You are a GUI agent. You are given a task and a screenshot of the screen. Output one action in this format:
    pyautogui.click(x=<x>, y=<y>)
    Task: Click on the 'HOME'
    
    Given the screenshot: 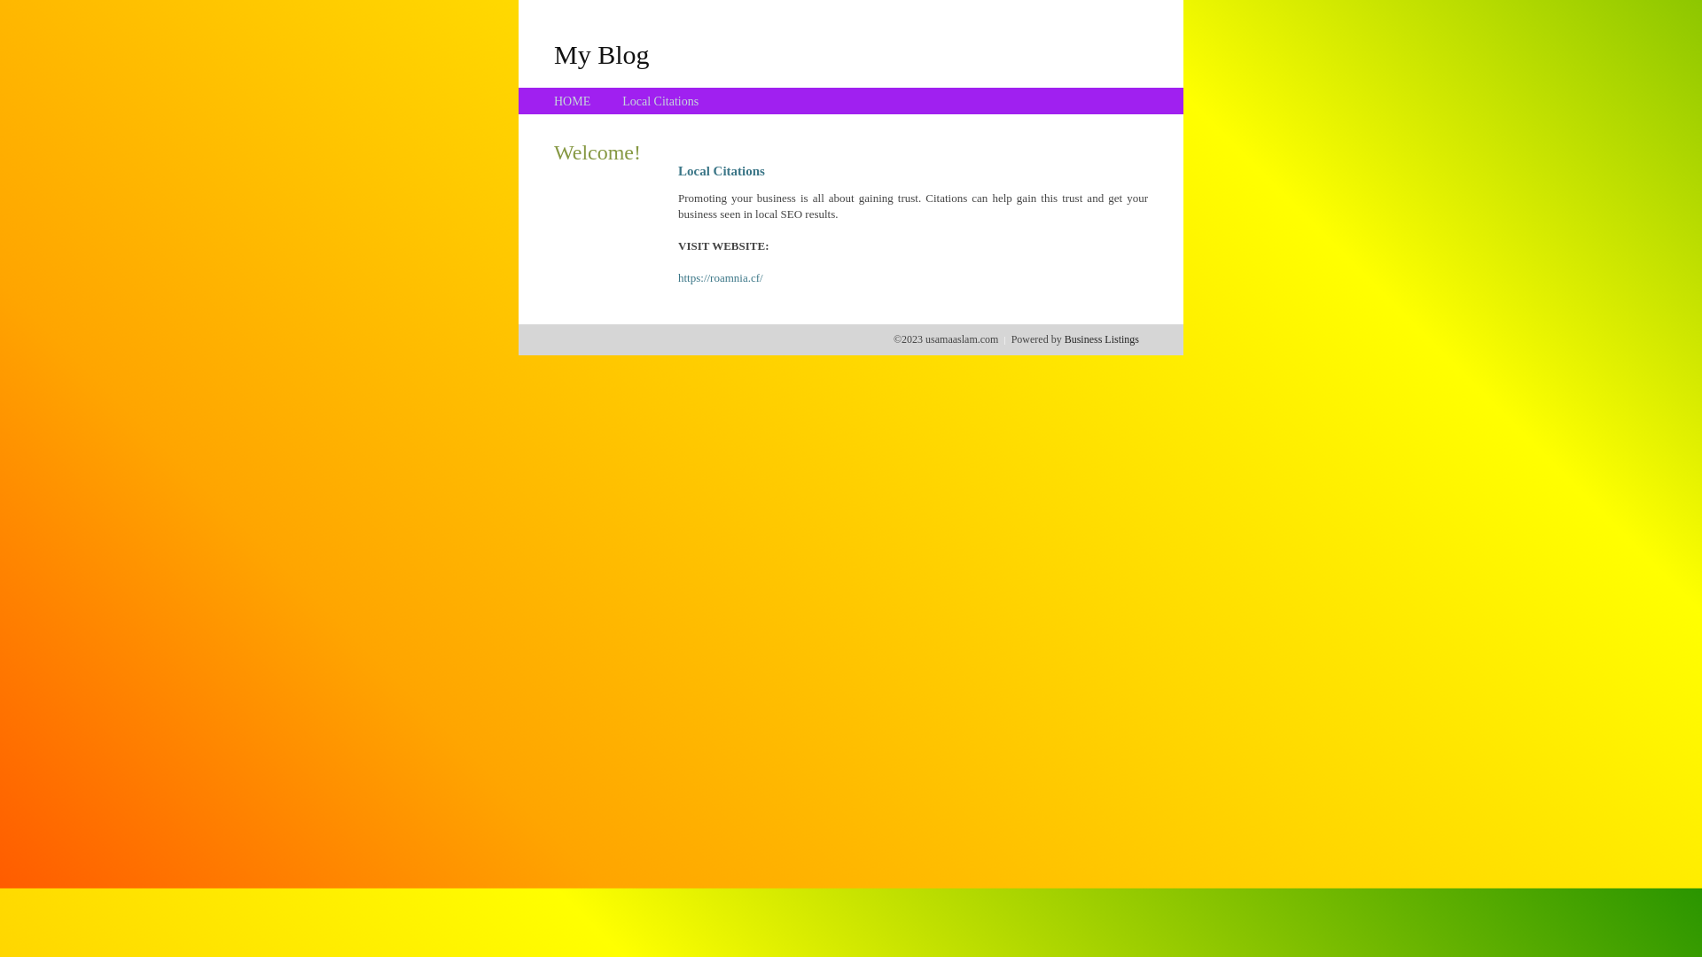 What is the action you would take?
    pyautogui.click(x=572, y=101)
    